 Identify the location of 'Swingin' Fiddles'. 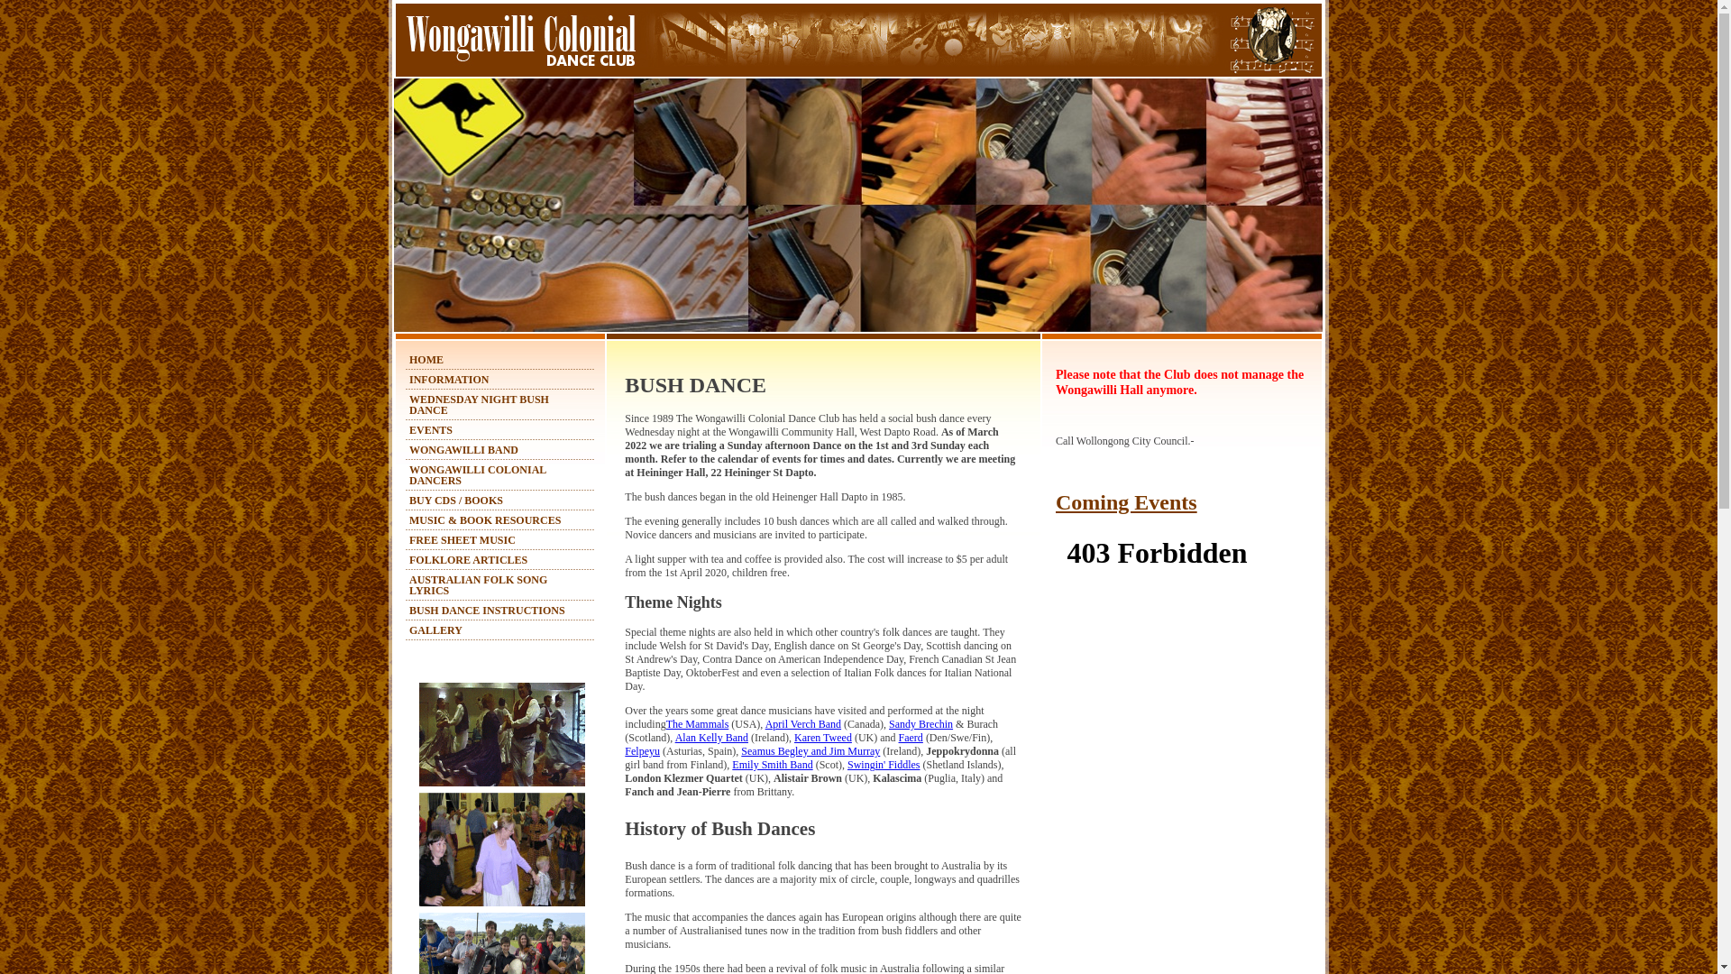
(884, 765).